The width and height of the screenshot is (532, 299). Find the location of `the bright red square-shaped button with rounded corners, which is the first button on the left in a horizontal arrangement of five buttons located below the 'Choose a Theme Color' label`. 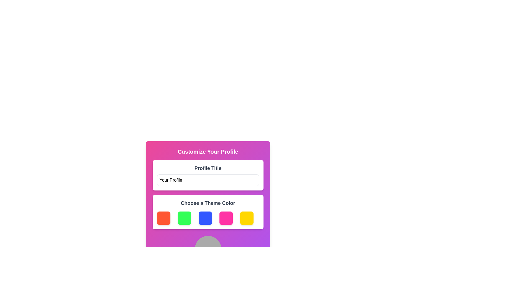

the bright red square-shaped button with rounded corners, which is the first button on the left in a horizontal arrangement of five buttons located below the 'Choose a Theme Color' label is located at coordinates (163, 218).